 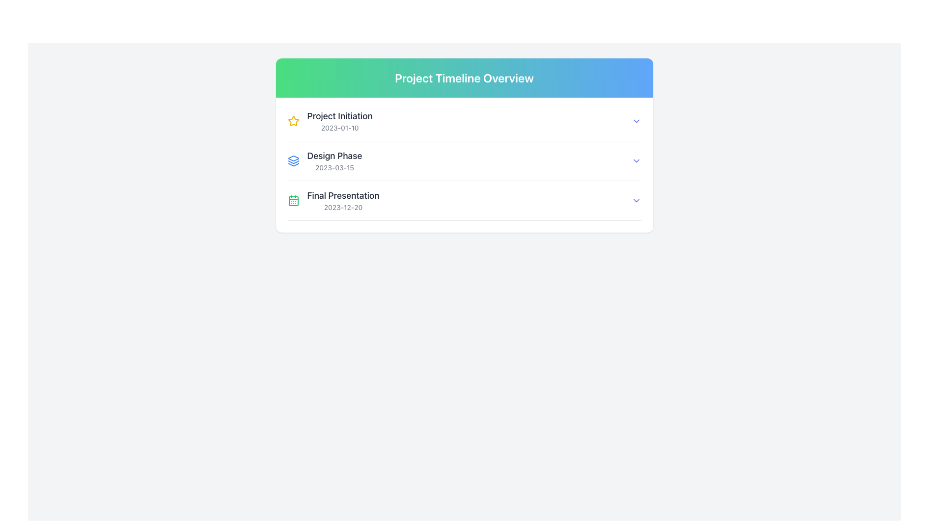 I want to click on the Interactive List Item labeled 'Design Phase', so click(x=464, y=160).